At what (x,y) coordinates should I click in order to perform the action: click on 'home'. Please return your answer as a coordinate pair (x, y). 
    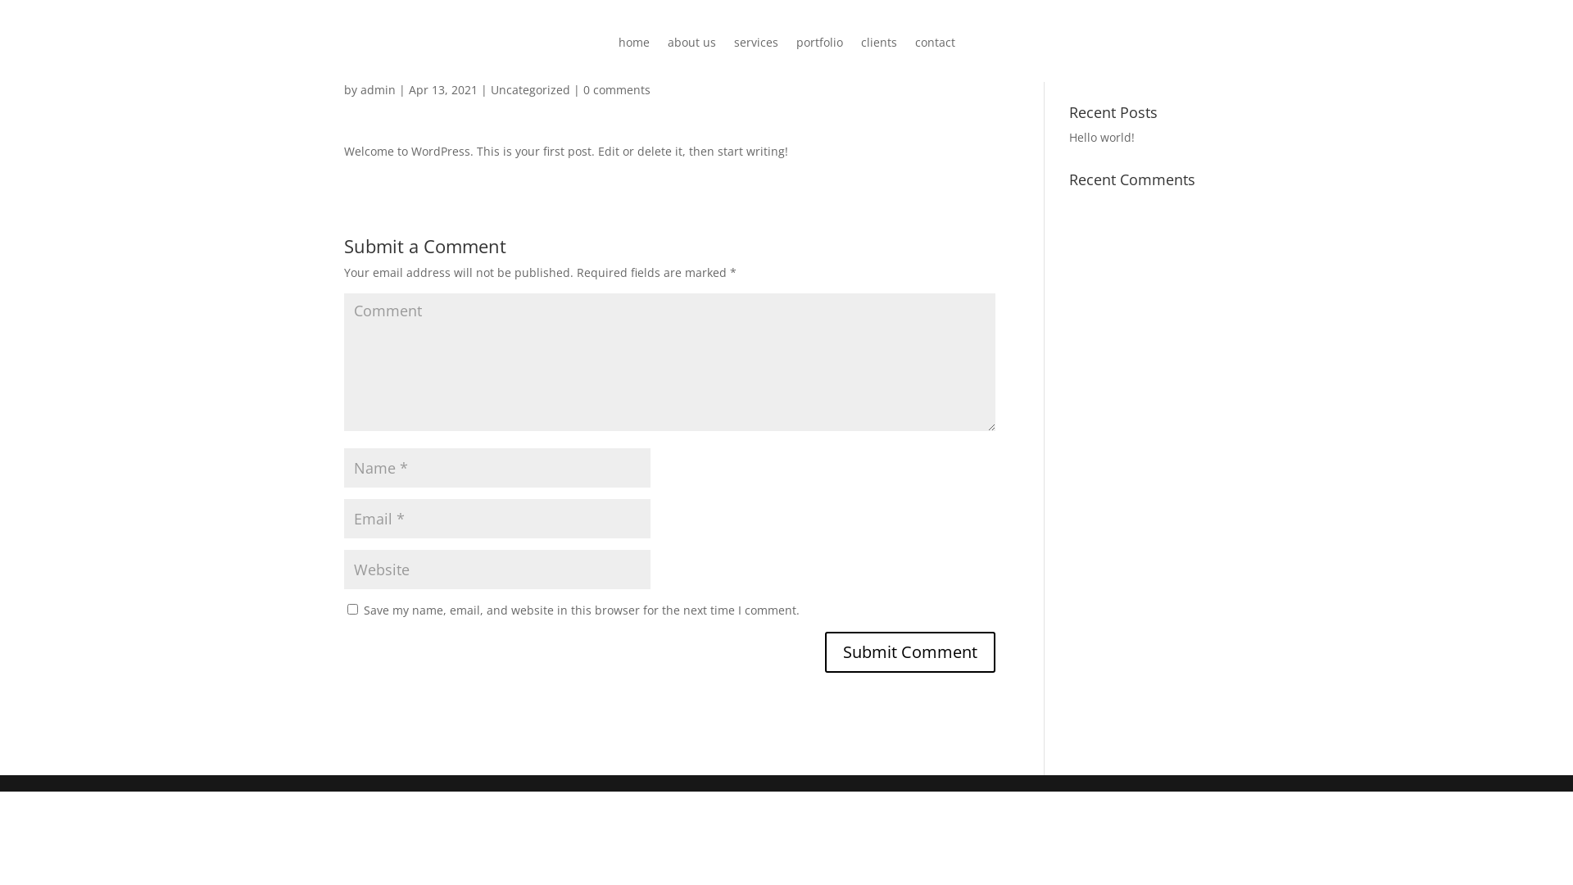
    Looking at the image, I should click on (632, 45).